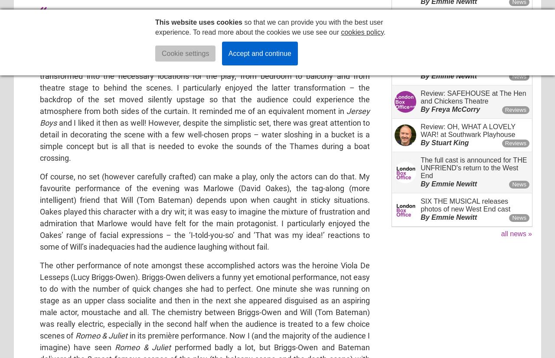  I want to click on 'The cast of THE NUTCRACKER: A VERY ADULT PANTOMIME is announced', so click(474, 59).